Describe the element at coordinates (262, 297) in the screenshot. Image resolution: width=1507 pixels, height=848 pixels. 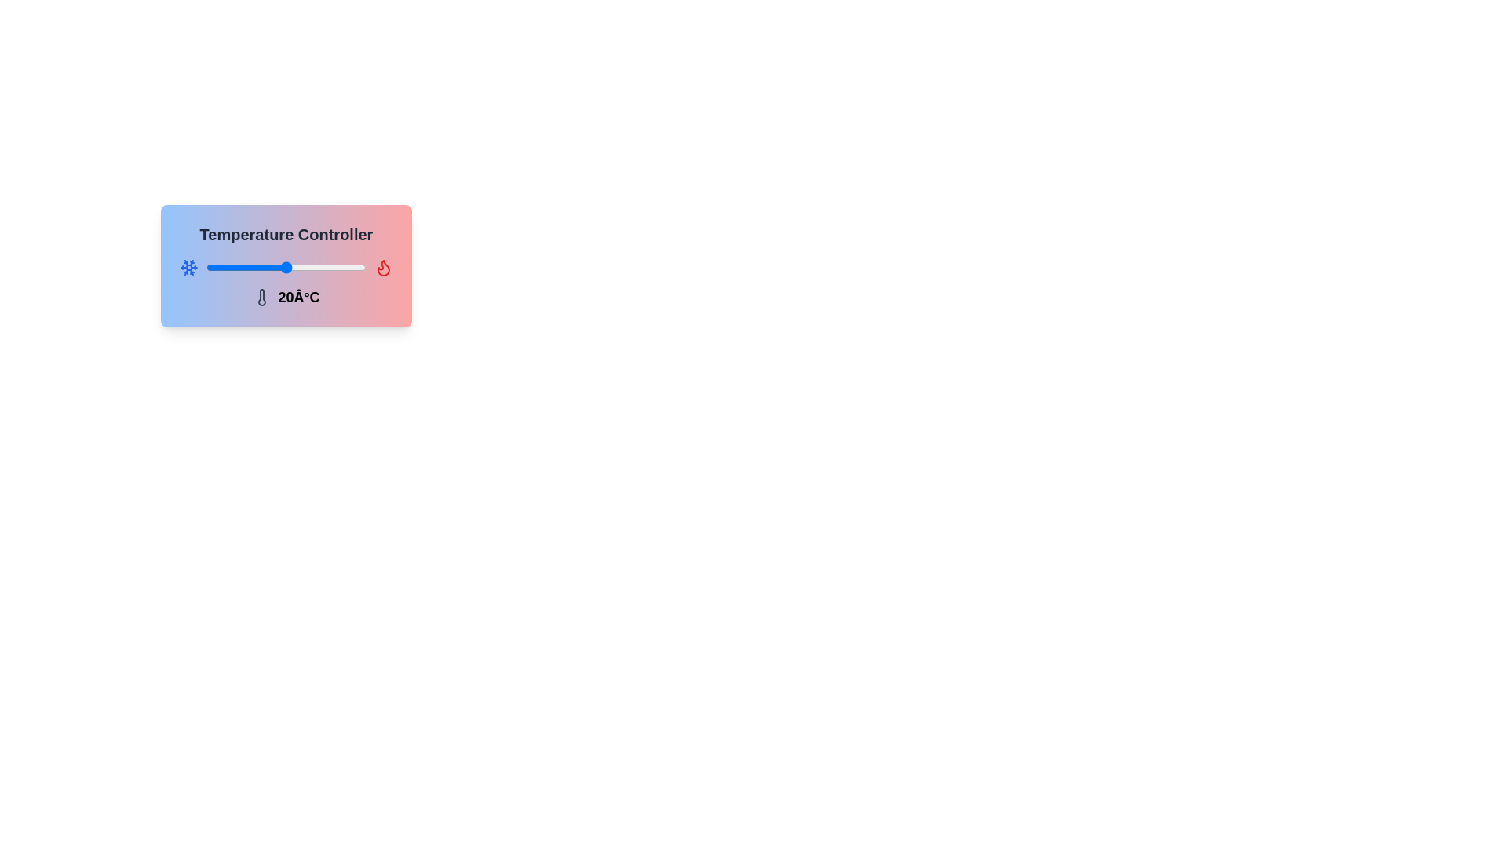
I see `the thermometer icon to interact with it` at that location.